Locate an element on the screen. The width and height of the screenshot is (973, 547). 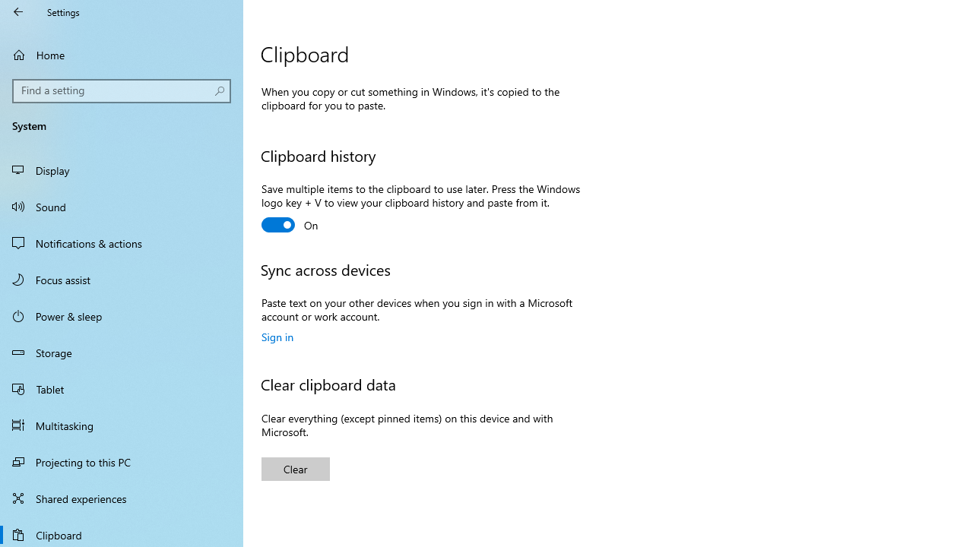
'Projecting to this PC' is located at coordinates (122, 461).